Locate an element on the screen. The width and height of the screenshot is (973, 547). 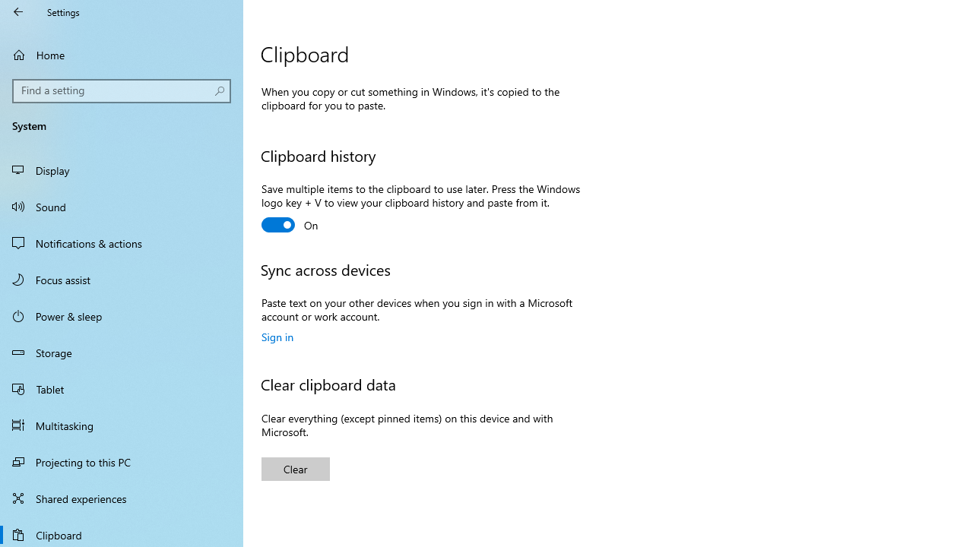
'Projecting to this PC' is located at coordinates (122, 461).